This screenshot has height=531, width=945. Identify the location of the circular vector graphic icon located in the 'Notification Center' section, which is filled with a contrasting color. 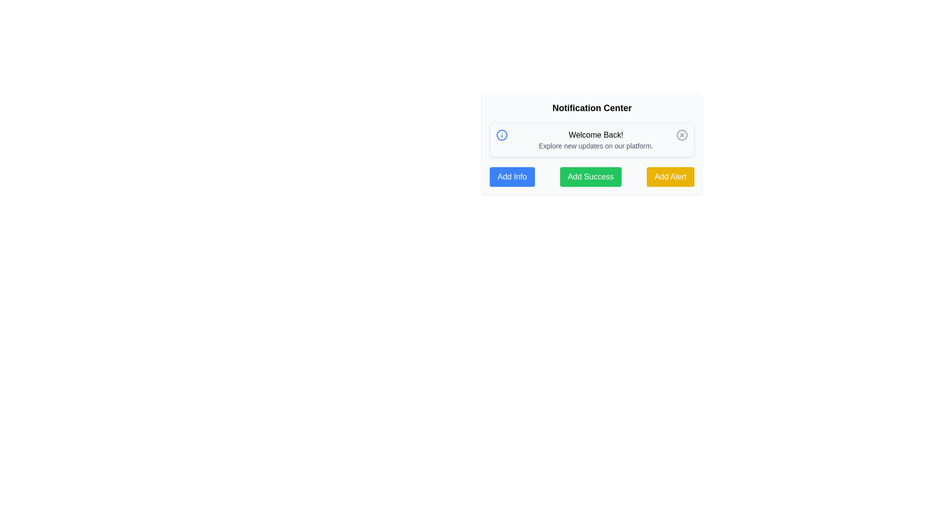
(502, 135).